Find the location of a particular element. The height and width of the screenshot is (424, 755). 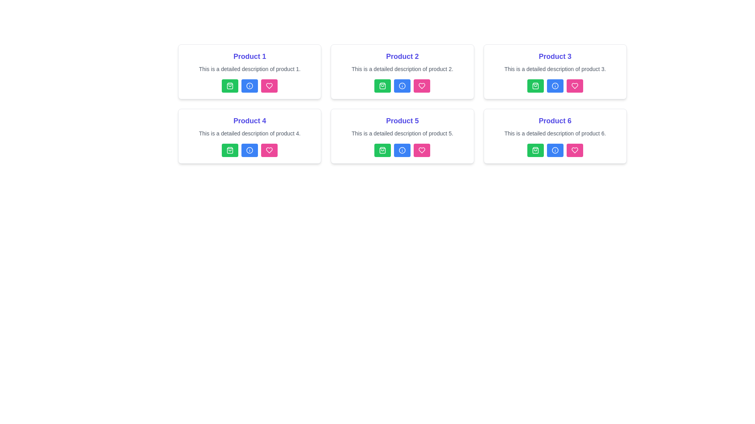

the Interactive icon located in the fifth product card, between the green envelope icon and the pink heart icon is located at coordinates (402, 150).